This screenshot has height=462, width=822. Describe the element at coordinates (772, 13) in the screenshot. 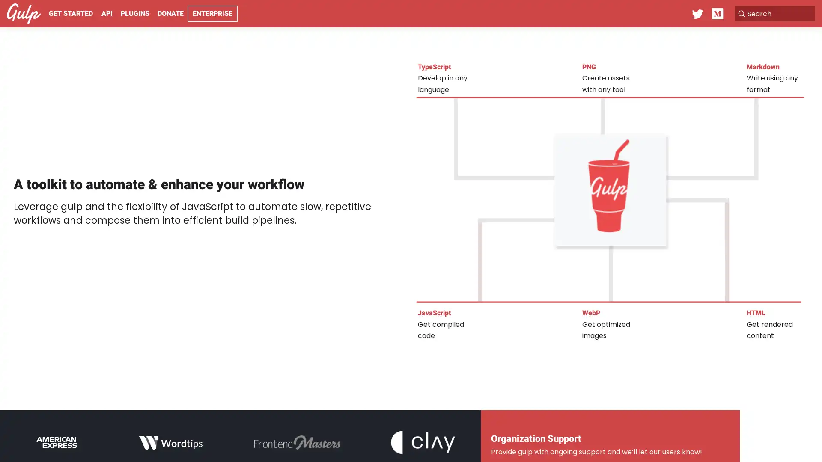

I see `Search` at that location.